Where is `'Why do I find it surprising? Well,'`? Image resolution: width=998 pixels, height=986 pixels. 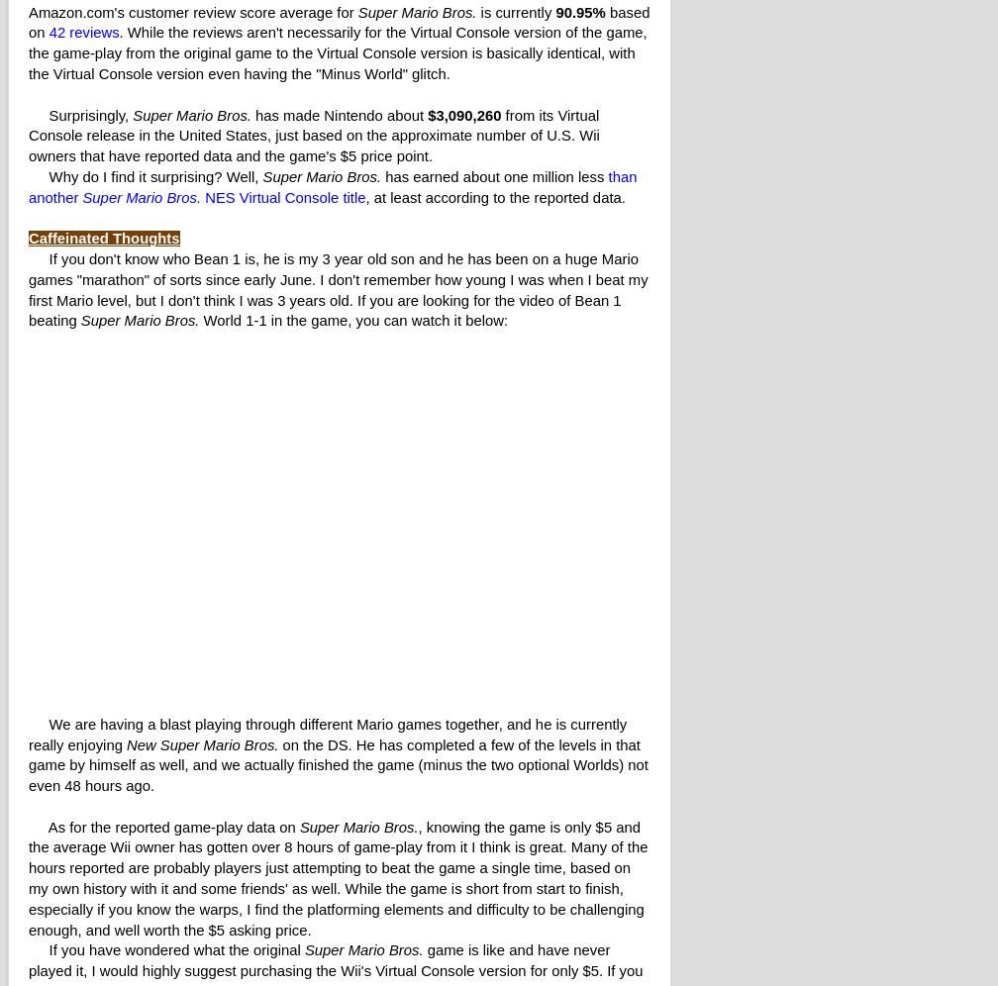 'Why do I find it surprising? Well,' is located at coordinates (145, 175).